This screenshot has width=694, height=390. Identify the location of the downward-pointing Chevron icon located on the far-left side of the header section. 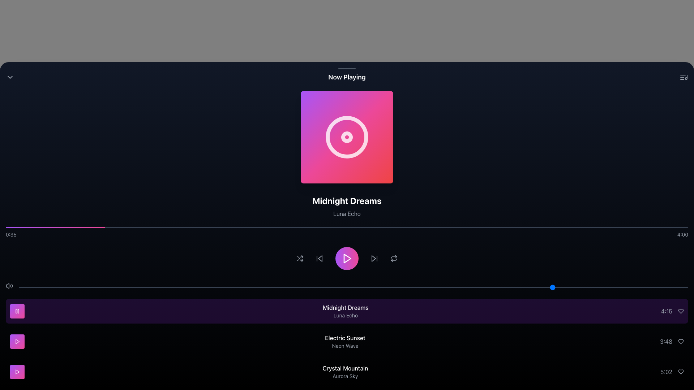
(10, 77).